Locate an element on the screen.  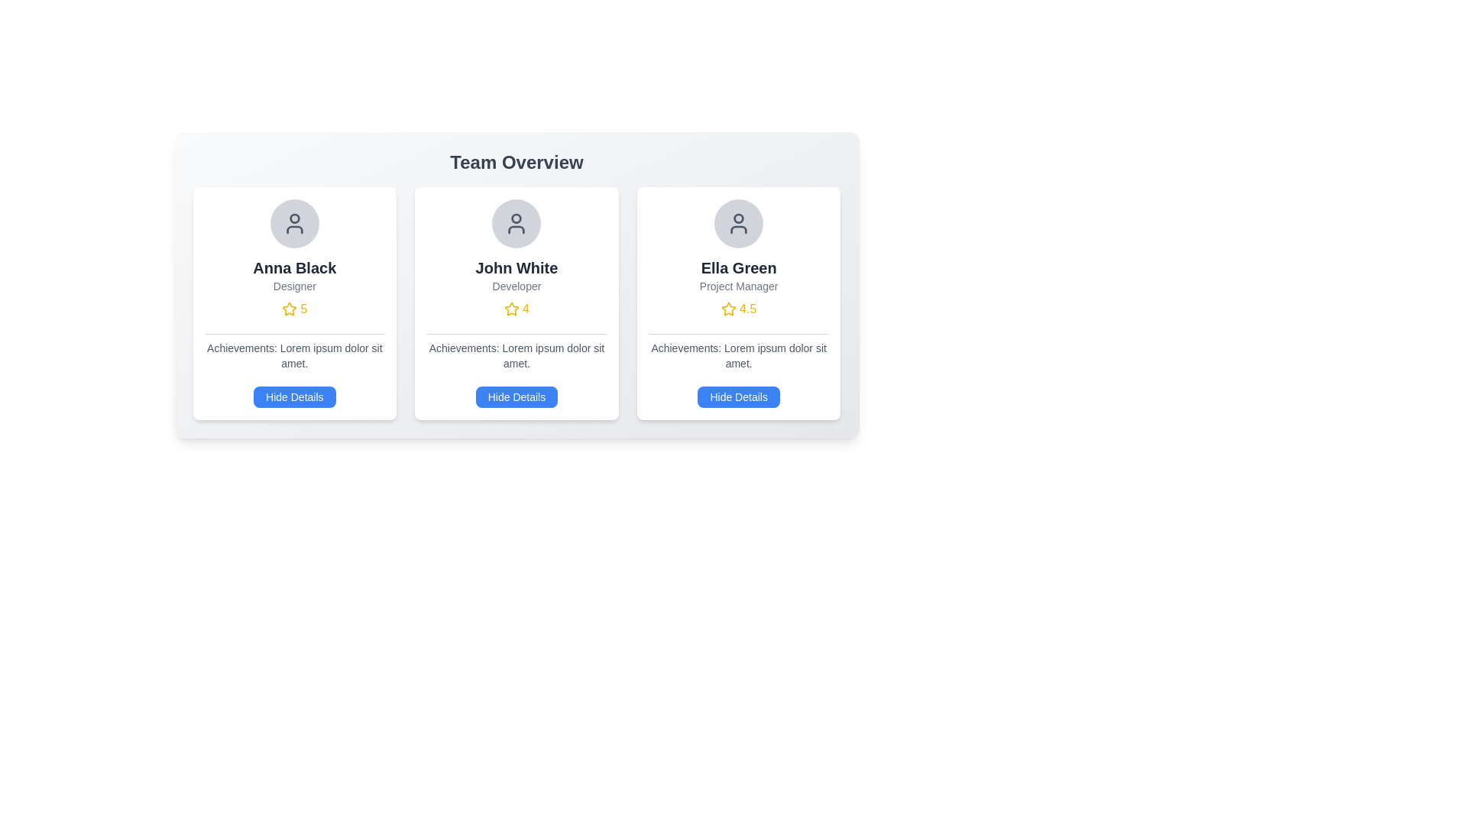
the nearby interactive elements related to the team member's information displayed in the Text content block located centrally in the second card of the 'Team Overview' section is located at coordinates (517, 288).